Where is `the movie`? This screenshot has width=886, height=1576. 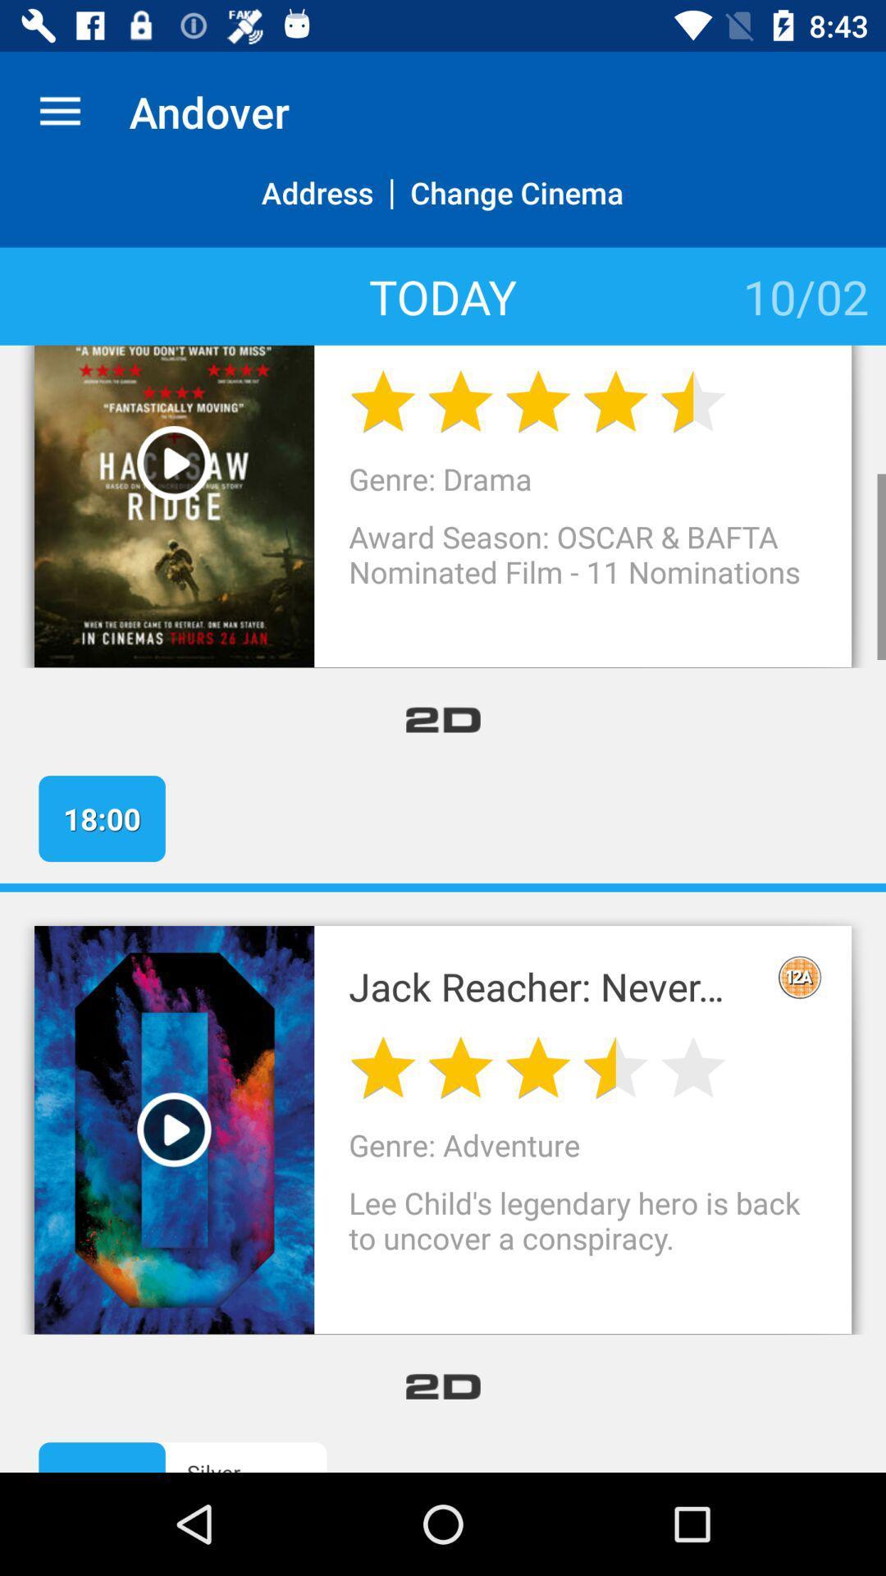
the movie is located at coordinates (174, 462).